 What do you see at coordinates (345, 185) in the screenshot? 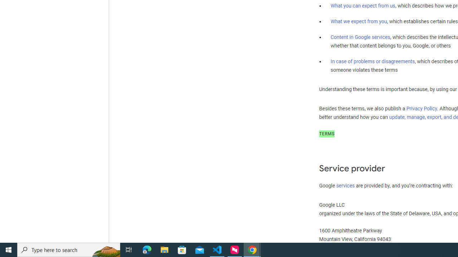
I see `'services'` at bounding box center [345, 185].